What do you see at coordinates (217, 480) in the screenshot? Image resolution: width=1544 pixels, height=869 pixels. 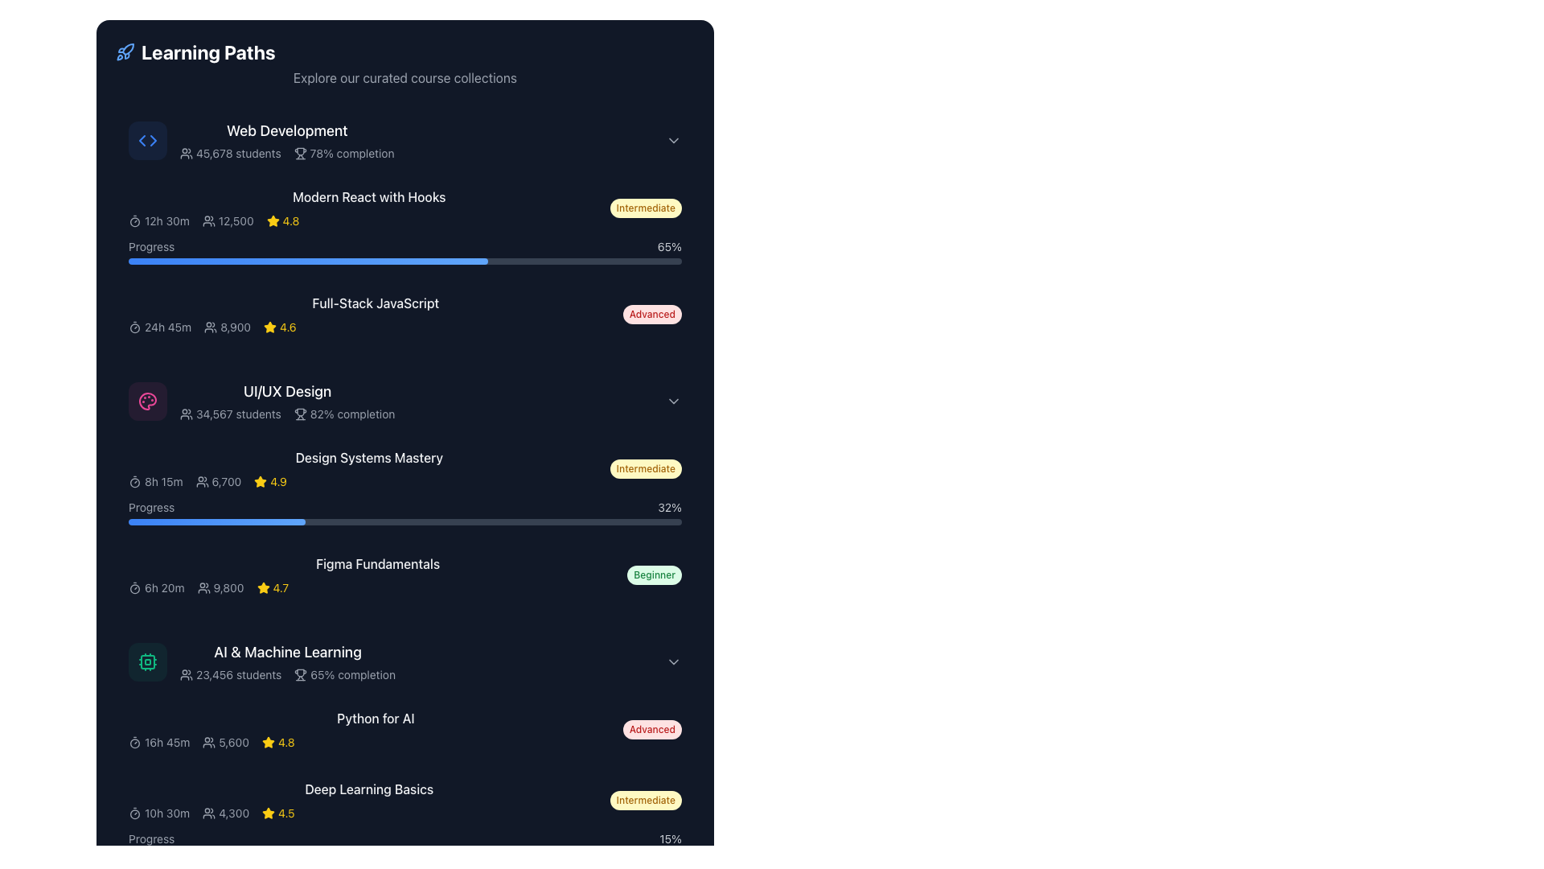 I see `the text display showing '6,700' with a user icon, located in the 'Design Systems Mastery' course row, between '8h 15m' and '4.9'` at bounding box center [217, 480].